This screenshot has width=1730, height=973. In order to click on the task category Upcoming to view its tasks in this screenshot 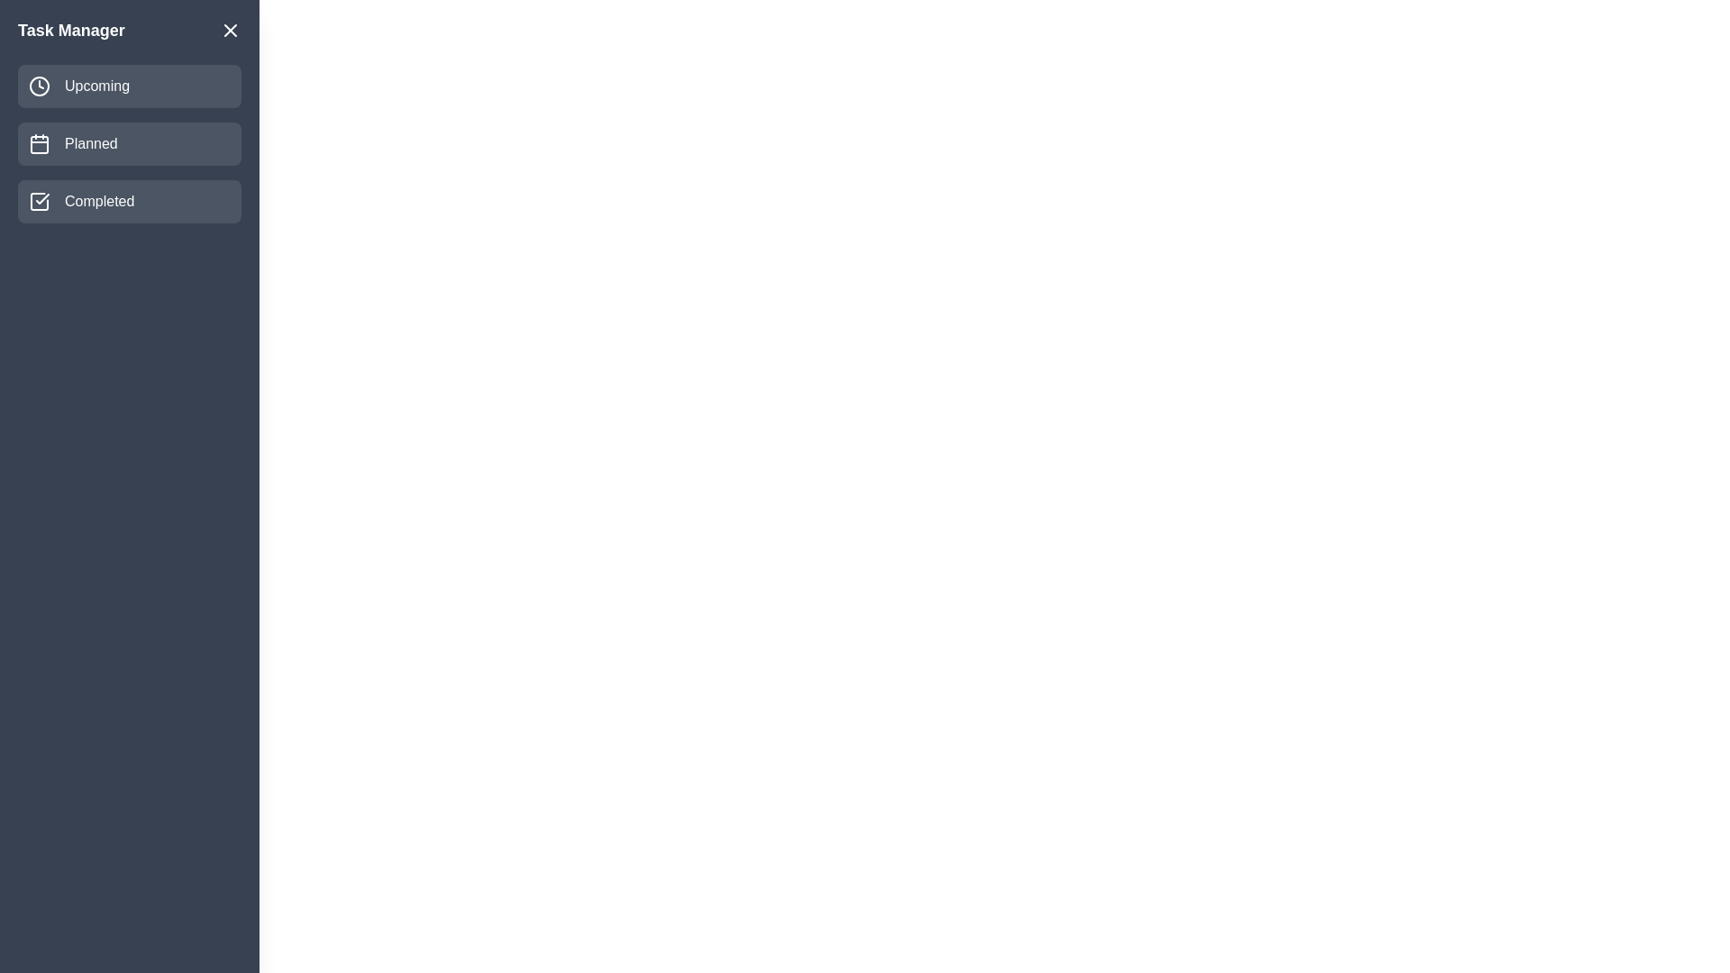, I will do `click(129, 86)`.